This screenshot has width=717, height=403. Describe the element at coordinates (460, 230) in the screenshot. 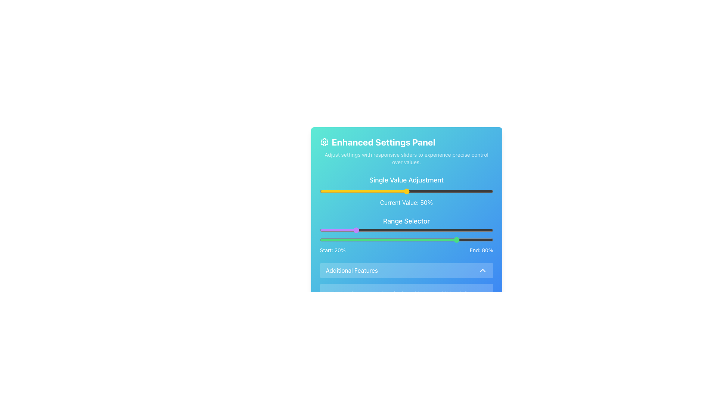

I see `the range selector sliders` at that location.